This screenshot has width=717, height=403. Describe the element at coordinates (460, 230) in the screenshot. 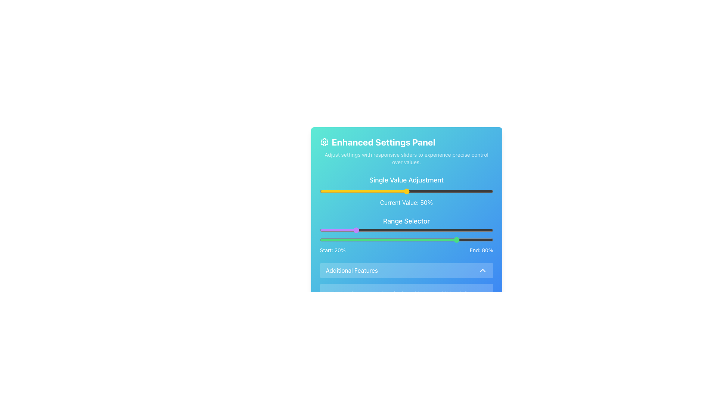

I see `the range selector sliders` at that location.